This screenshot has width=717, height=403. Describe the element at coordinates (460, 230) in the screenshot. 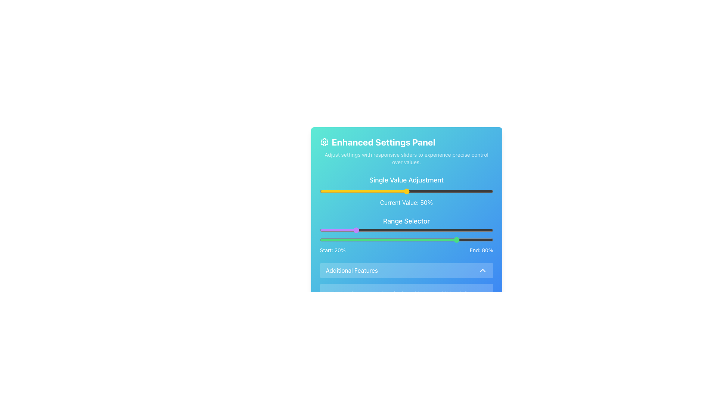

I see `the range selector sliders` at that location.